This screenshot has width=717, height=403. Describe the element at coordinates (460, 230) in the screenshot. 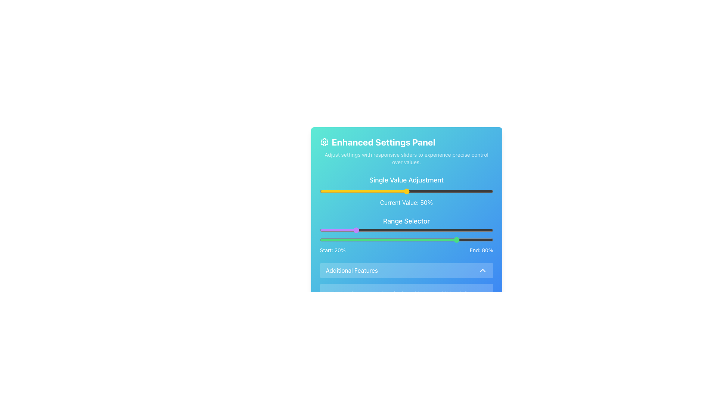

I see `the range selector sliders` at that location.